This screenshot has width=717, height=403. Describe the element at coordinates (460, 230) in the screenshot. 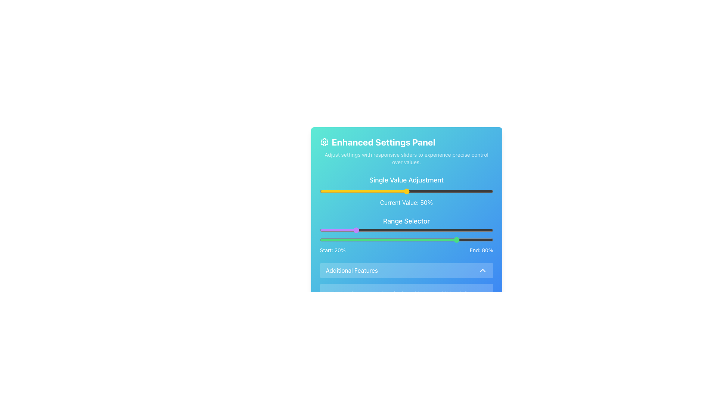

I see `the range selector sliders` at that location.